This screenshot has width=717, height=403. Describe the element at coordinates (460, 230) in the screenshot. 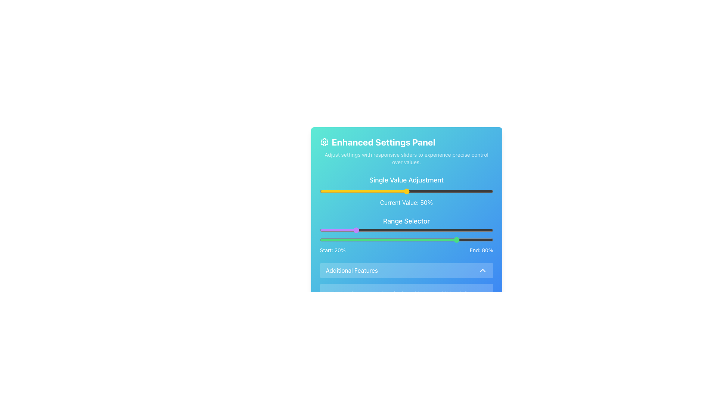

I see `the range selector sliders` at that location.